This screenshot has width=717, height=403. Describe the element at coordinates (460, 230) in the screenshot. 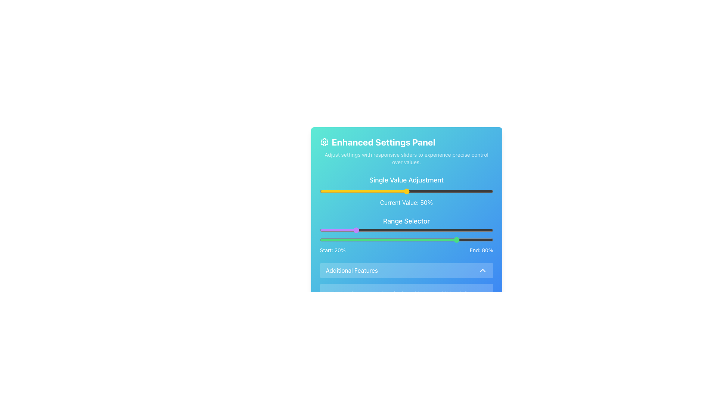

I see `the range selector sliders` at that location.